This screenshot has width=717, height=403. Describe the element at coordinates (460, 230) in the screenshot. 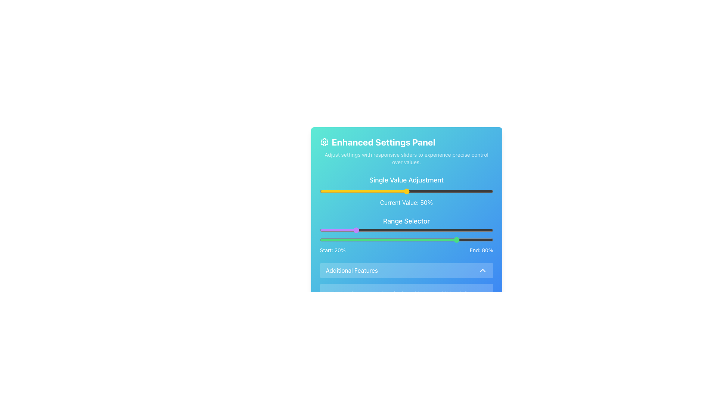

I see `the range selector sliders` at that location.